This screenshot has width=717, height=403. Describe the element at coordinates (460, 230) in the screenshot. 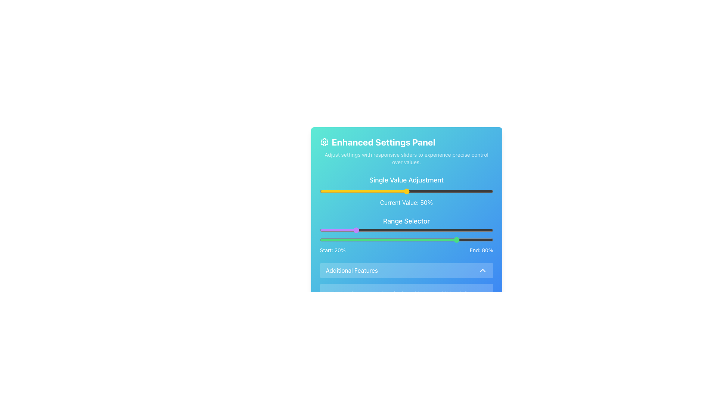

I see `the range selector sliders` at that location.